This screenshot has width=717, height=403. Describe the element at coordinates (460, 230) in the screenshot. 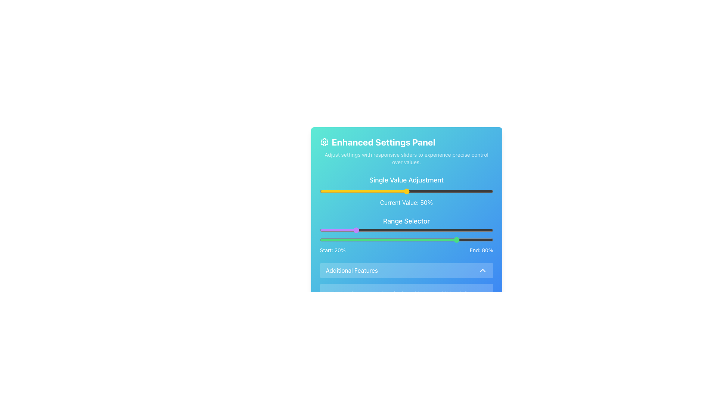

I see `the range selector sliders` at that location.